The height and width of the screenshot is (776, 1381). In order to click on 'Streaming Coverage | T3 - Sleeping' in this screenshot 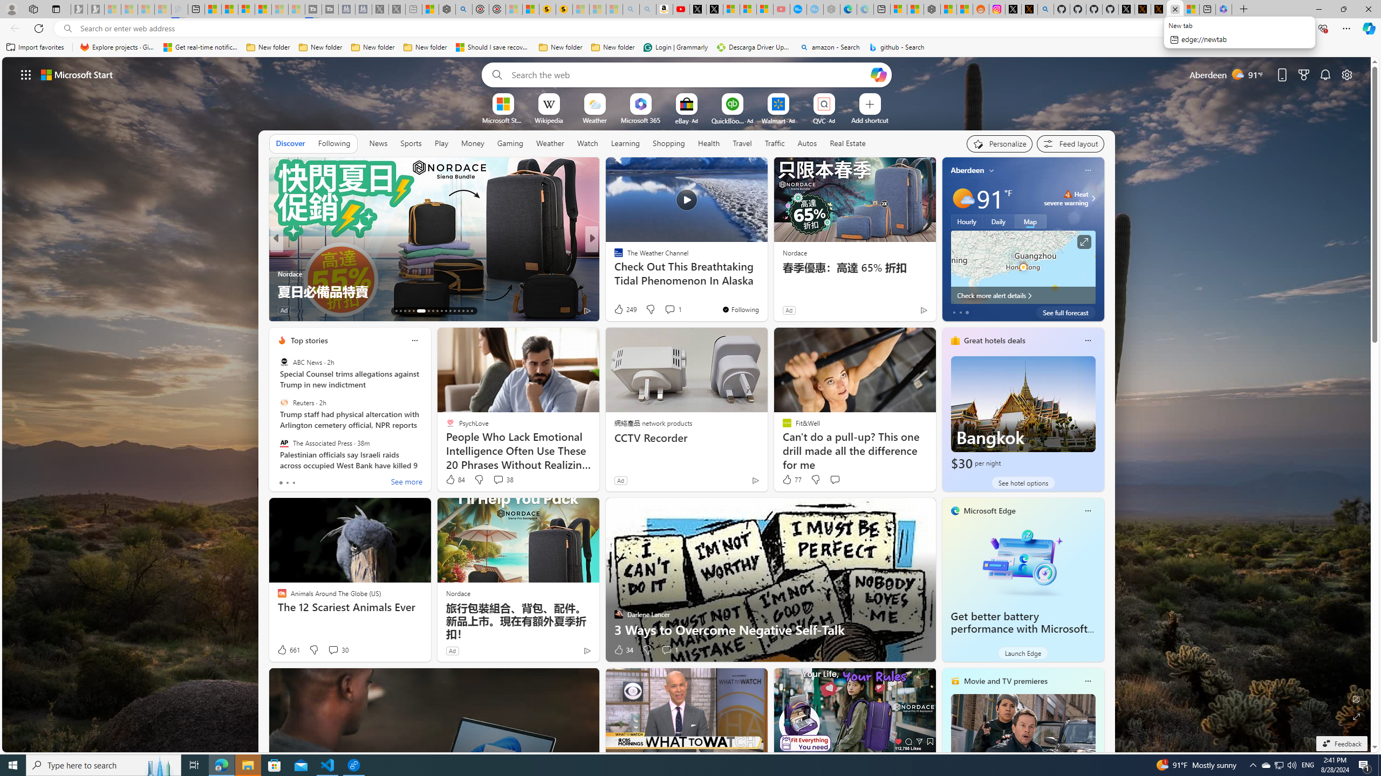, I will do `click(313, 9)`.